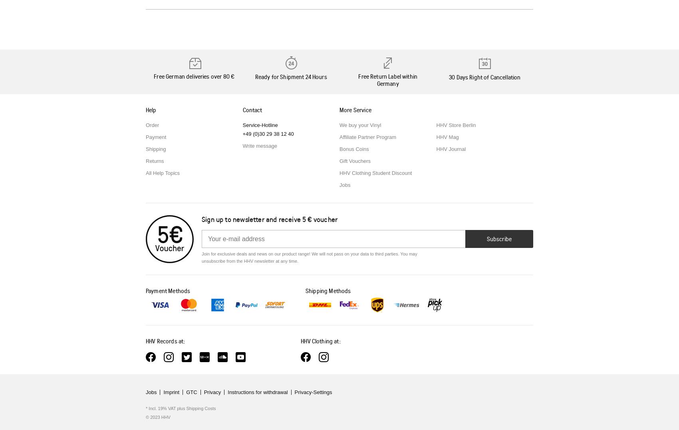 The height and width of the screenshot is (430, 679). Describe the element at coordinates (355, 109) in the screenshot. I see `'More Service'` at that location.